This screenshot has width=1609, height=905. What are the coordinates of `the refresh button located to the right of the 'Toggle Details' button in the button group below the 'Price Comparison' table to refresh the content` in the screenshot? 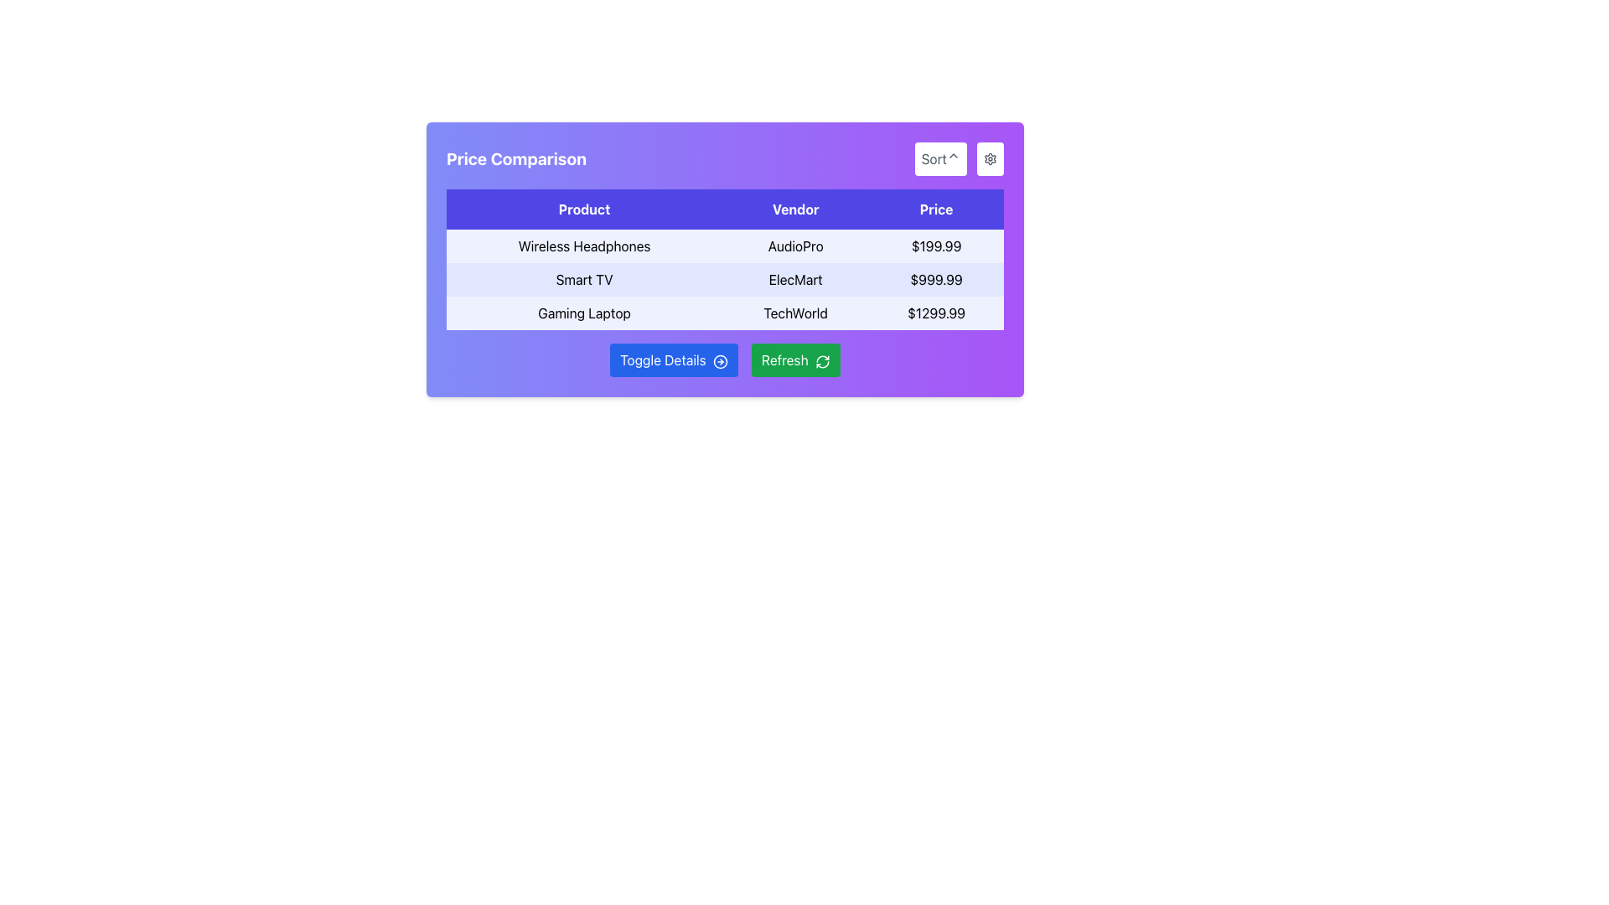 It's located at (794, 359).